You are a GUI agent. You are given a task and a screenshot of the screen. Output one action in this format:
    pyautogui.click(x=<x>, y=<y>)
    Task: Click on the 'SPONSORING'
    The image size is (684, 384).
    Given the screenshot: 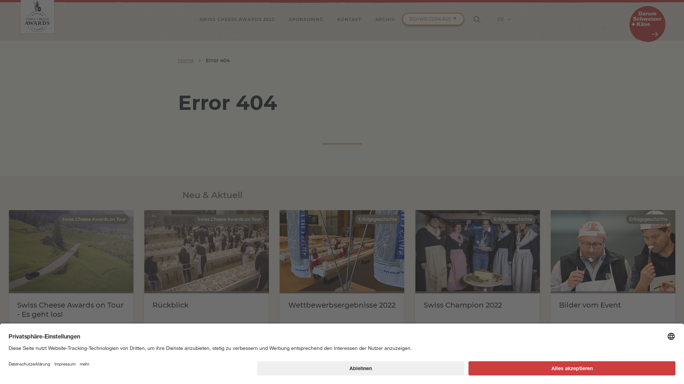 What is the action you would take?
    pyautogui.click(x=285, y=19)
    